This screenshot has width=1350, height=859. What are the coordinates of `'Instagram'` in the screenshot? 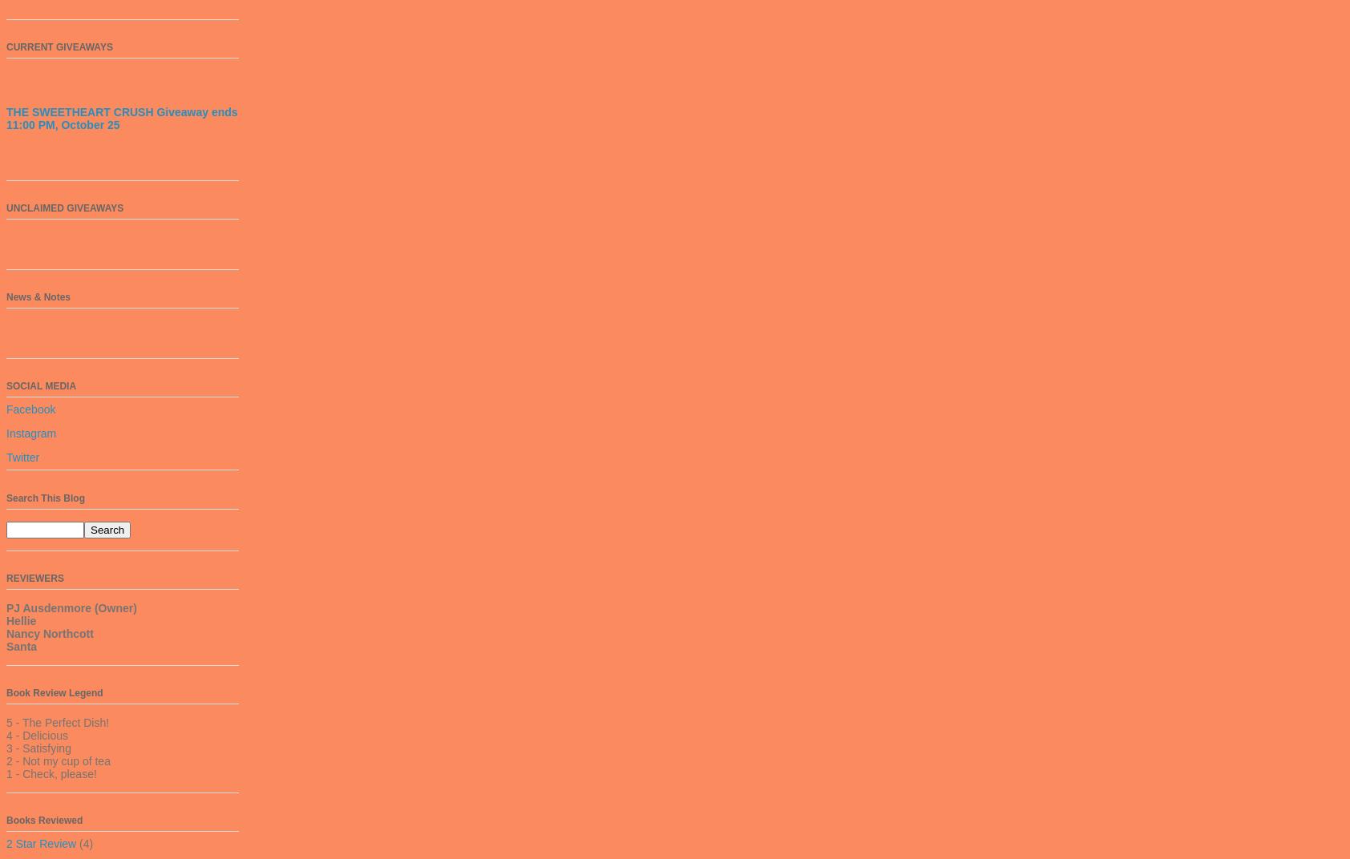 It's located at (30, 433).